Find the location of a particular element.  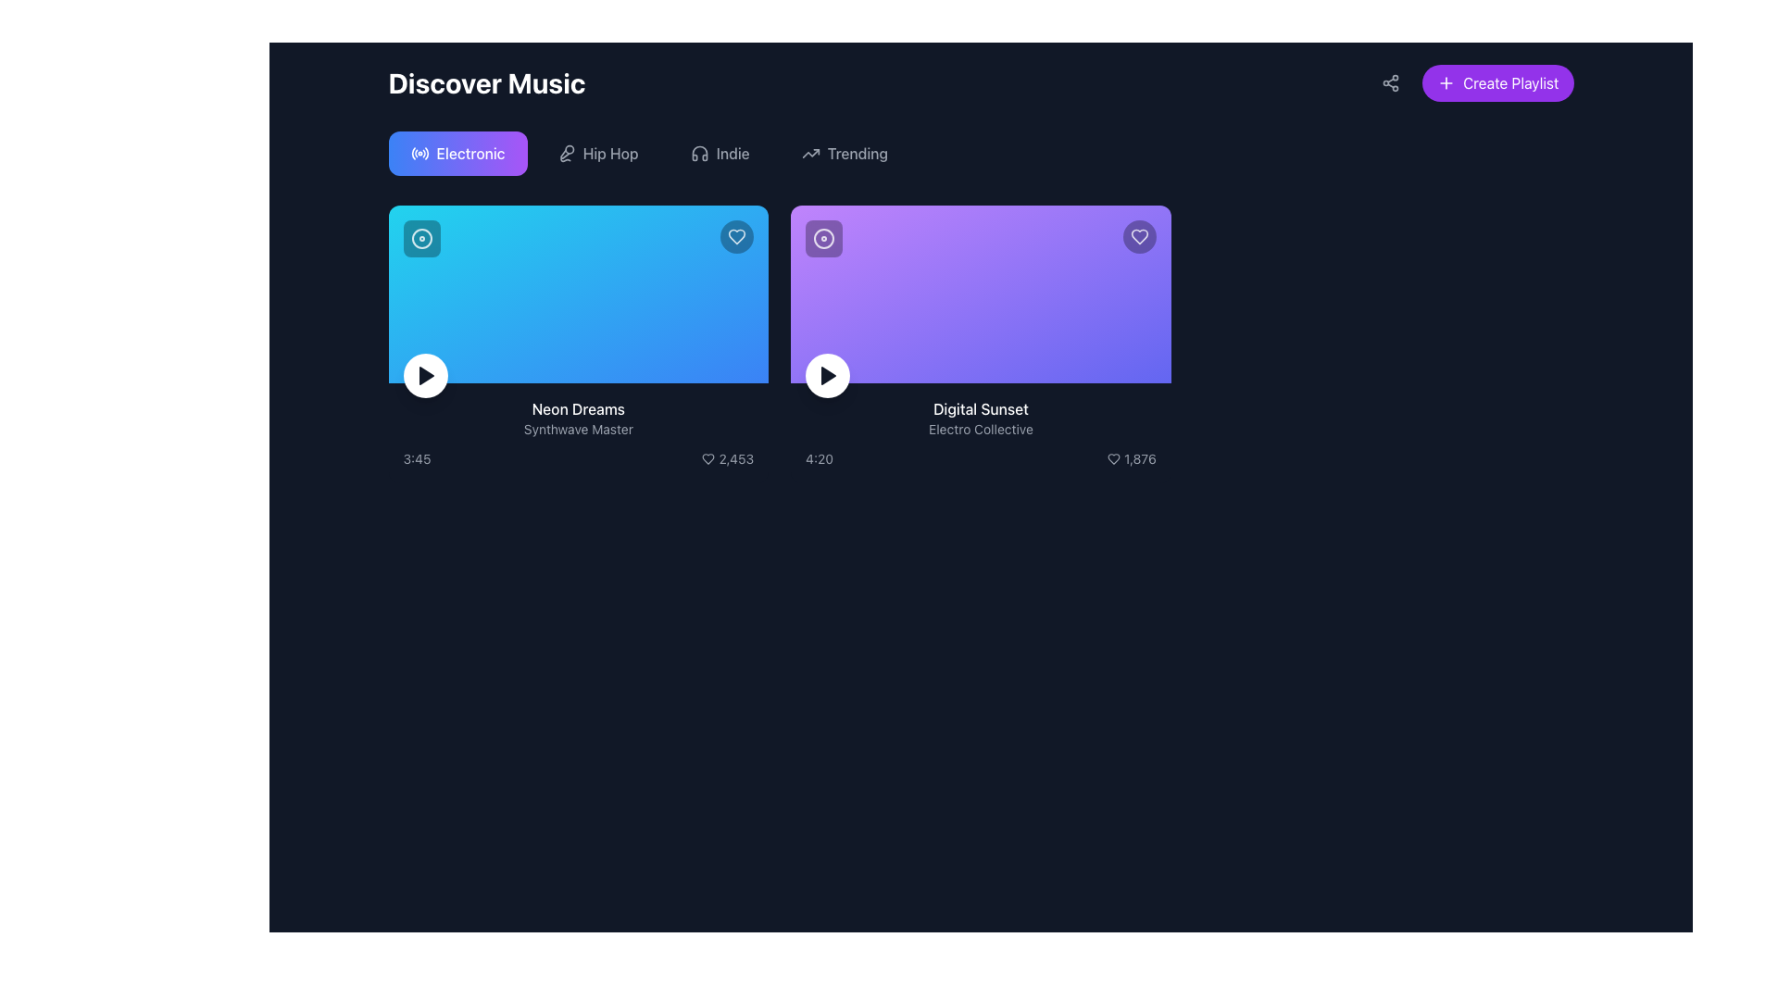

the 'Indie' button in the 'Discover Music' section is located at coordinates (719, 152).